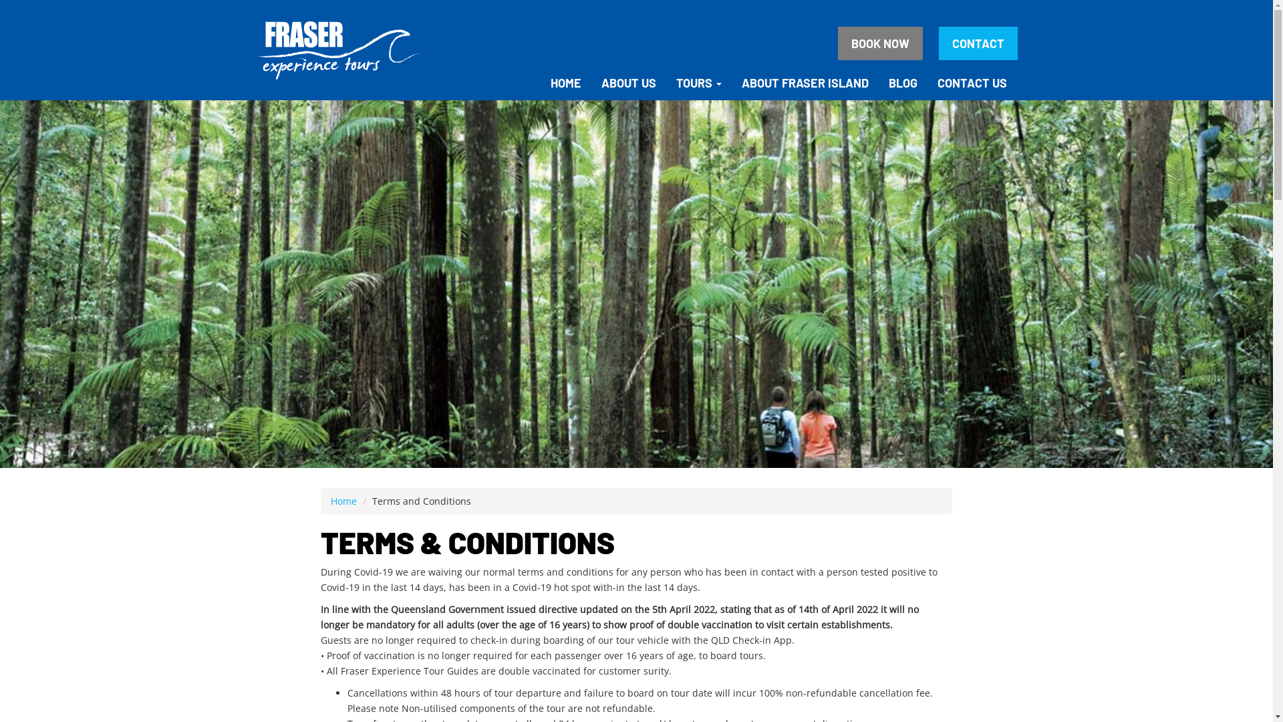  I want to click on 'ABOUT US', so click(627, 82).